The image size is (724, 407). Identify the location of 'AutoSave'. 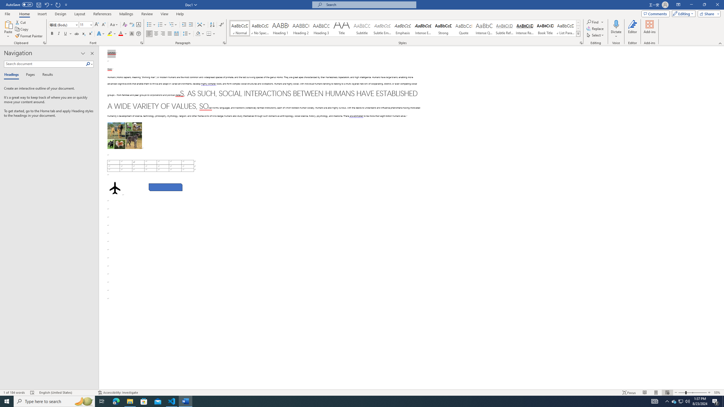
(20, 4).